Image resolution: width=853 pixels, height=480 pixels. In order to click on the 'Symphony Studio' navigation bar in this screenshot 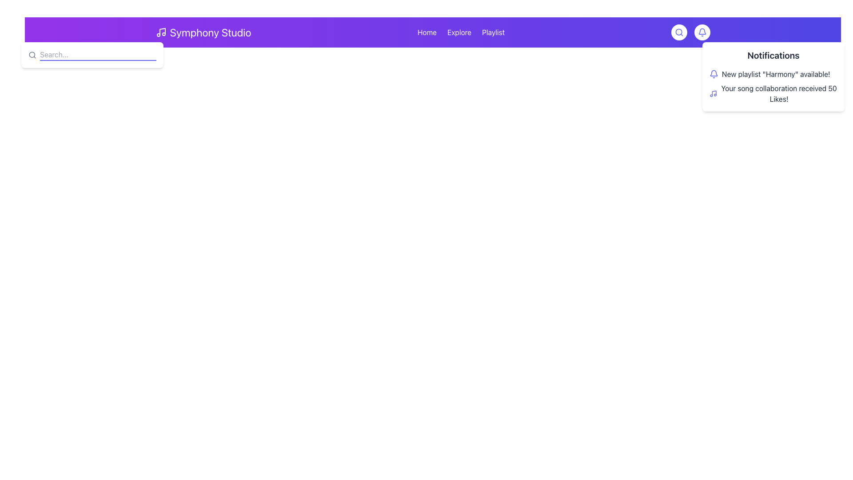, I will do `click(433, 32)`.